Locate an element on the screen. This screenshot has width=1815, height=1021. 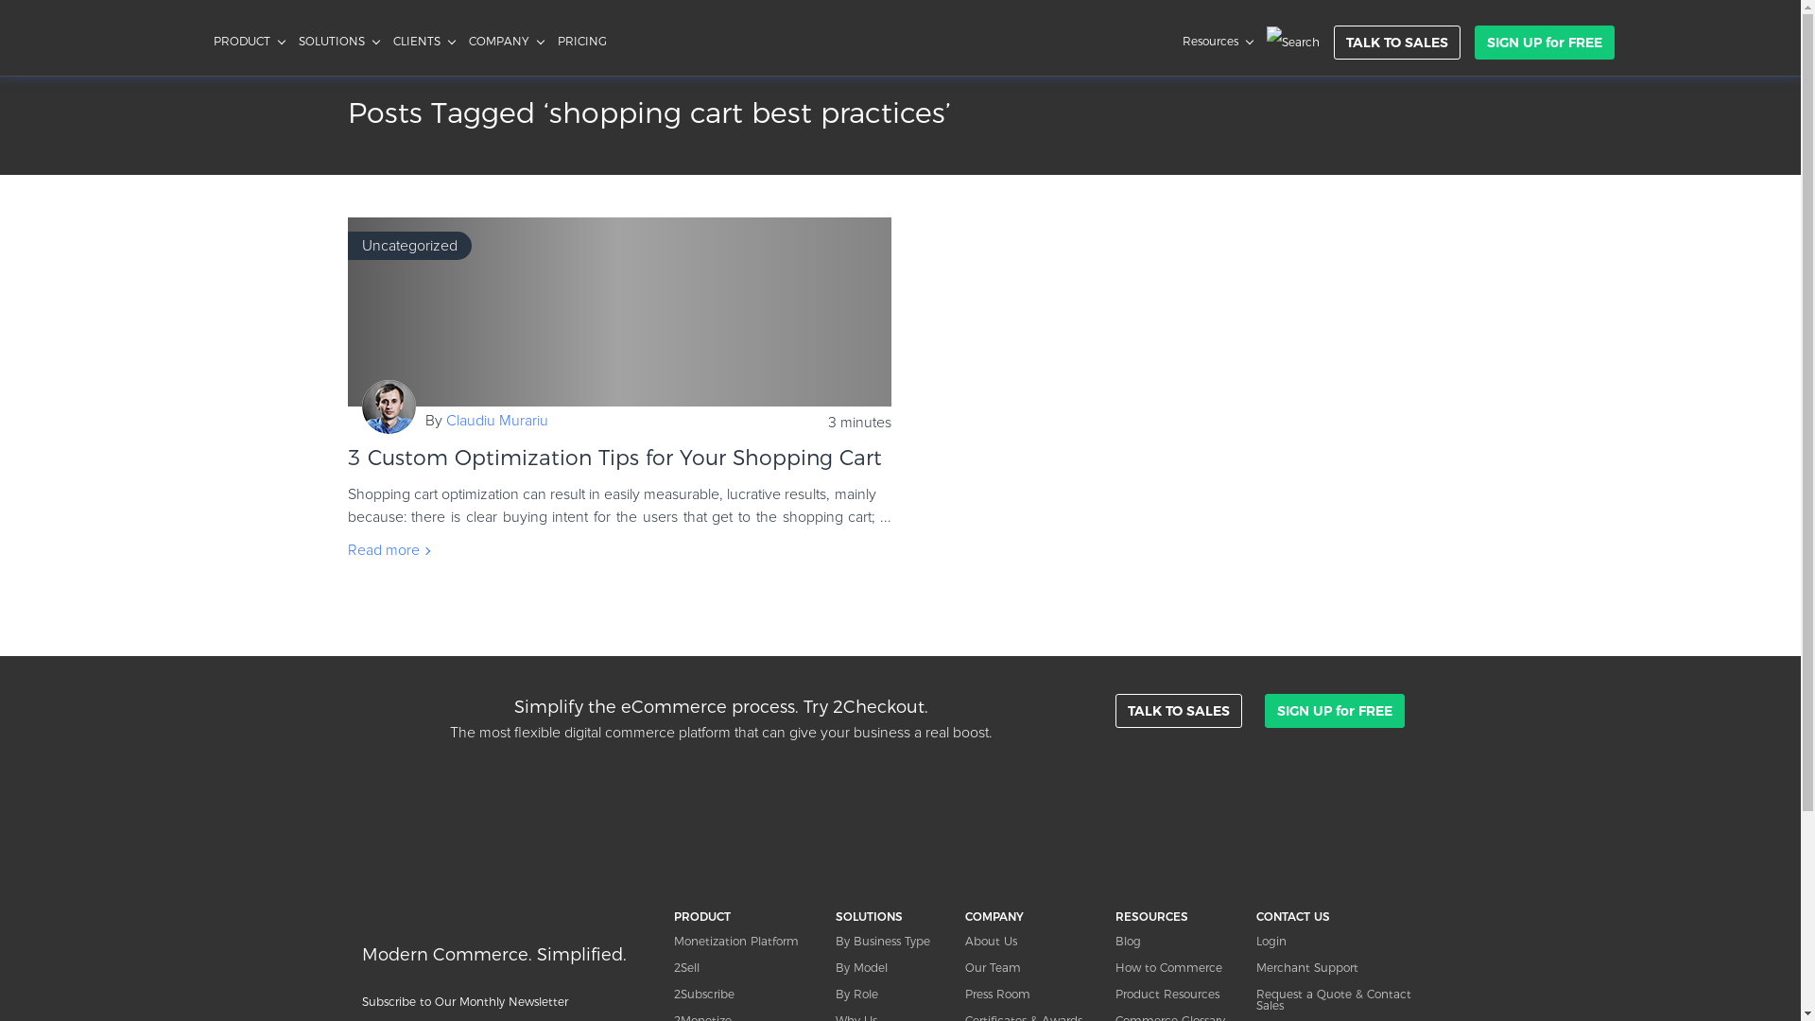
'Press Room' is located at coordinates (965, 994).